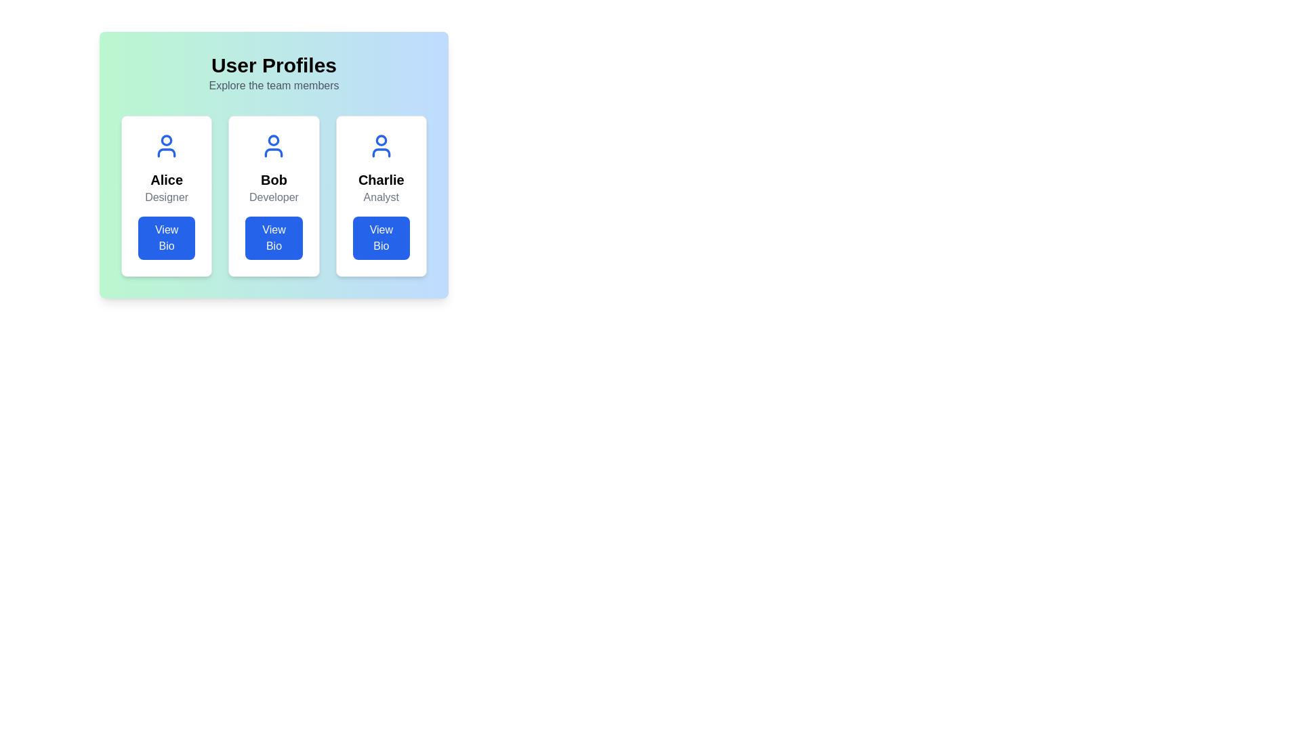 Image resolution: width=1301 pixels, height=731 pixels. What do you see at coordinates (380, 146) in the screenshot?
I see `the SVG icon representing the user 'Charlie', which is centrally located at the upper section of the card above the text 'Charlie' and the subtitle 'Analyst'` at bounding box center [380, 146].